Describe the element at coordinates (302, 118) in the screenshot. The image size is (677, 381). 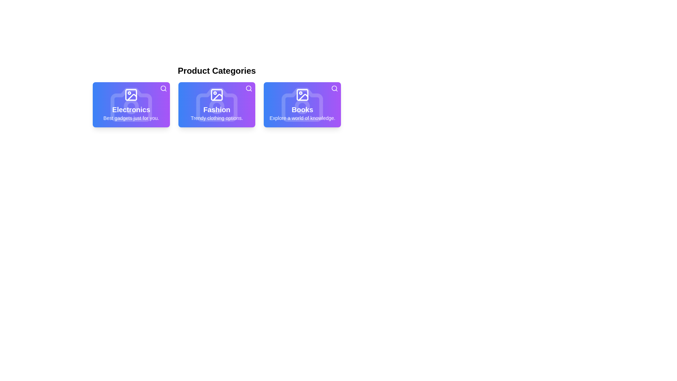
I see `descriptive text that provides additional context for the 'Books' category, located in the lower section of the card labeled 'Books' on the right side of a three-card row` at that location.